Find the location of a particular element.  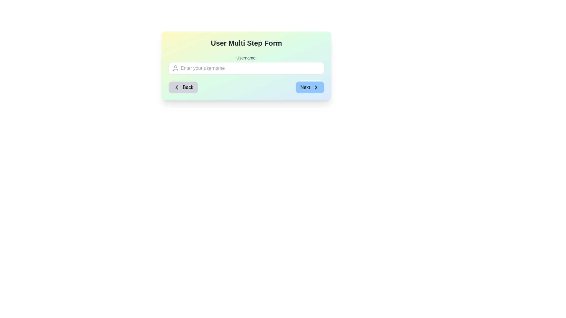

the chevron icon located within the 'Back' button is located at coordinates (177, 87).